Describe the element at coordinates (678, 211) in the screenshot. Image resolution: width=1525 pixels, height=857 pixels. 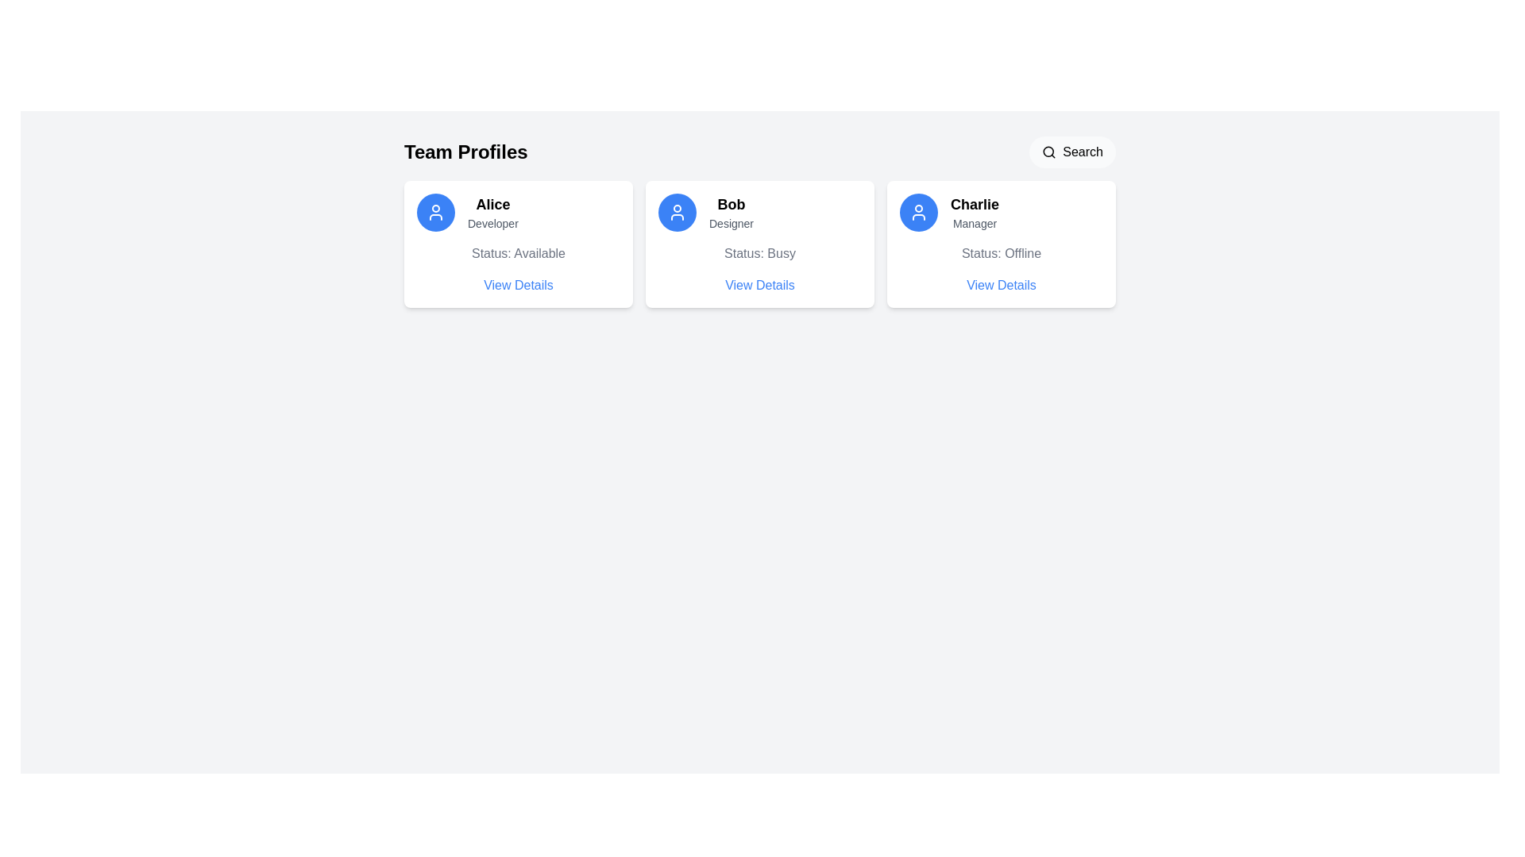
I see `the circular blue icon with a white outline illustration of a user profile located in the top-left corner of 'Bob's profile card in the 'Team Profiles' interface` at that location.